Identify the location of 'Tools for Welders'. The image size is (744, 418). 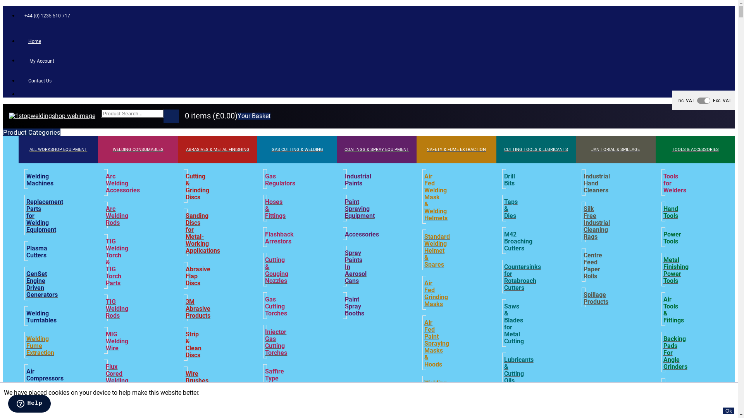
(674, 183).